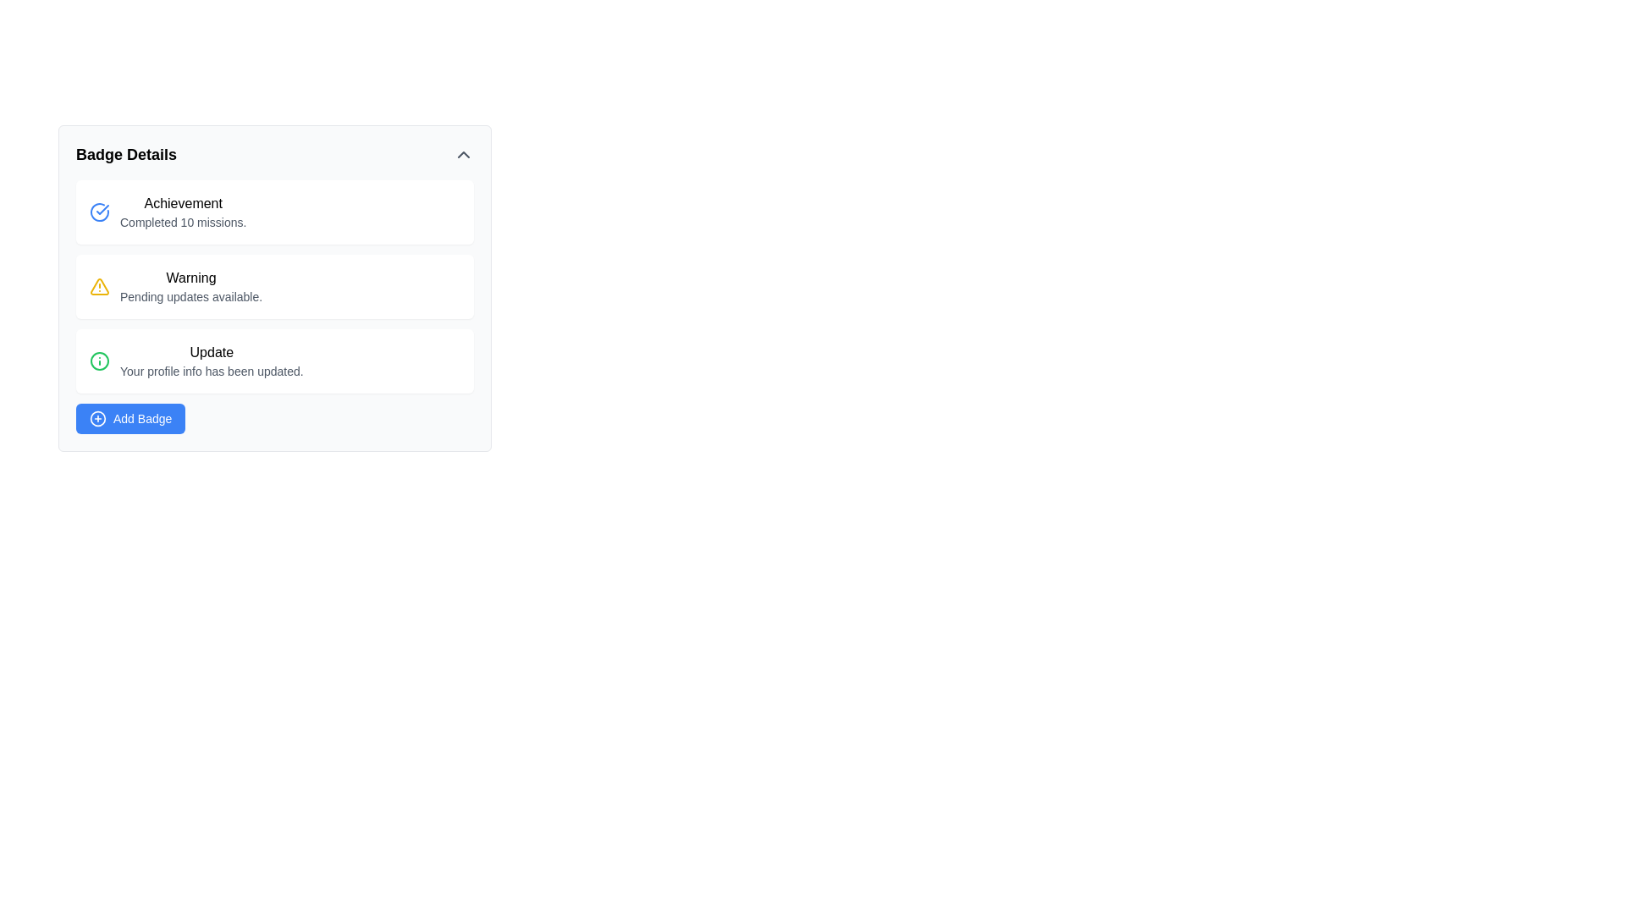 The height and width of the screenshot is (914, 1625). What do you see at coordinates (275, 361) in the screenshot?
I see `the third Notification card in the 'Badge Details' section that informs users about their profile information update` at bounding box center [275, 361].